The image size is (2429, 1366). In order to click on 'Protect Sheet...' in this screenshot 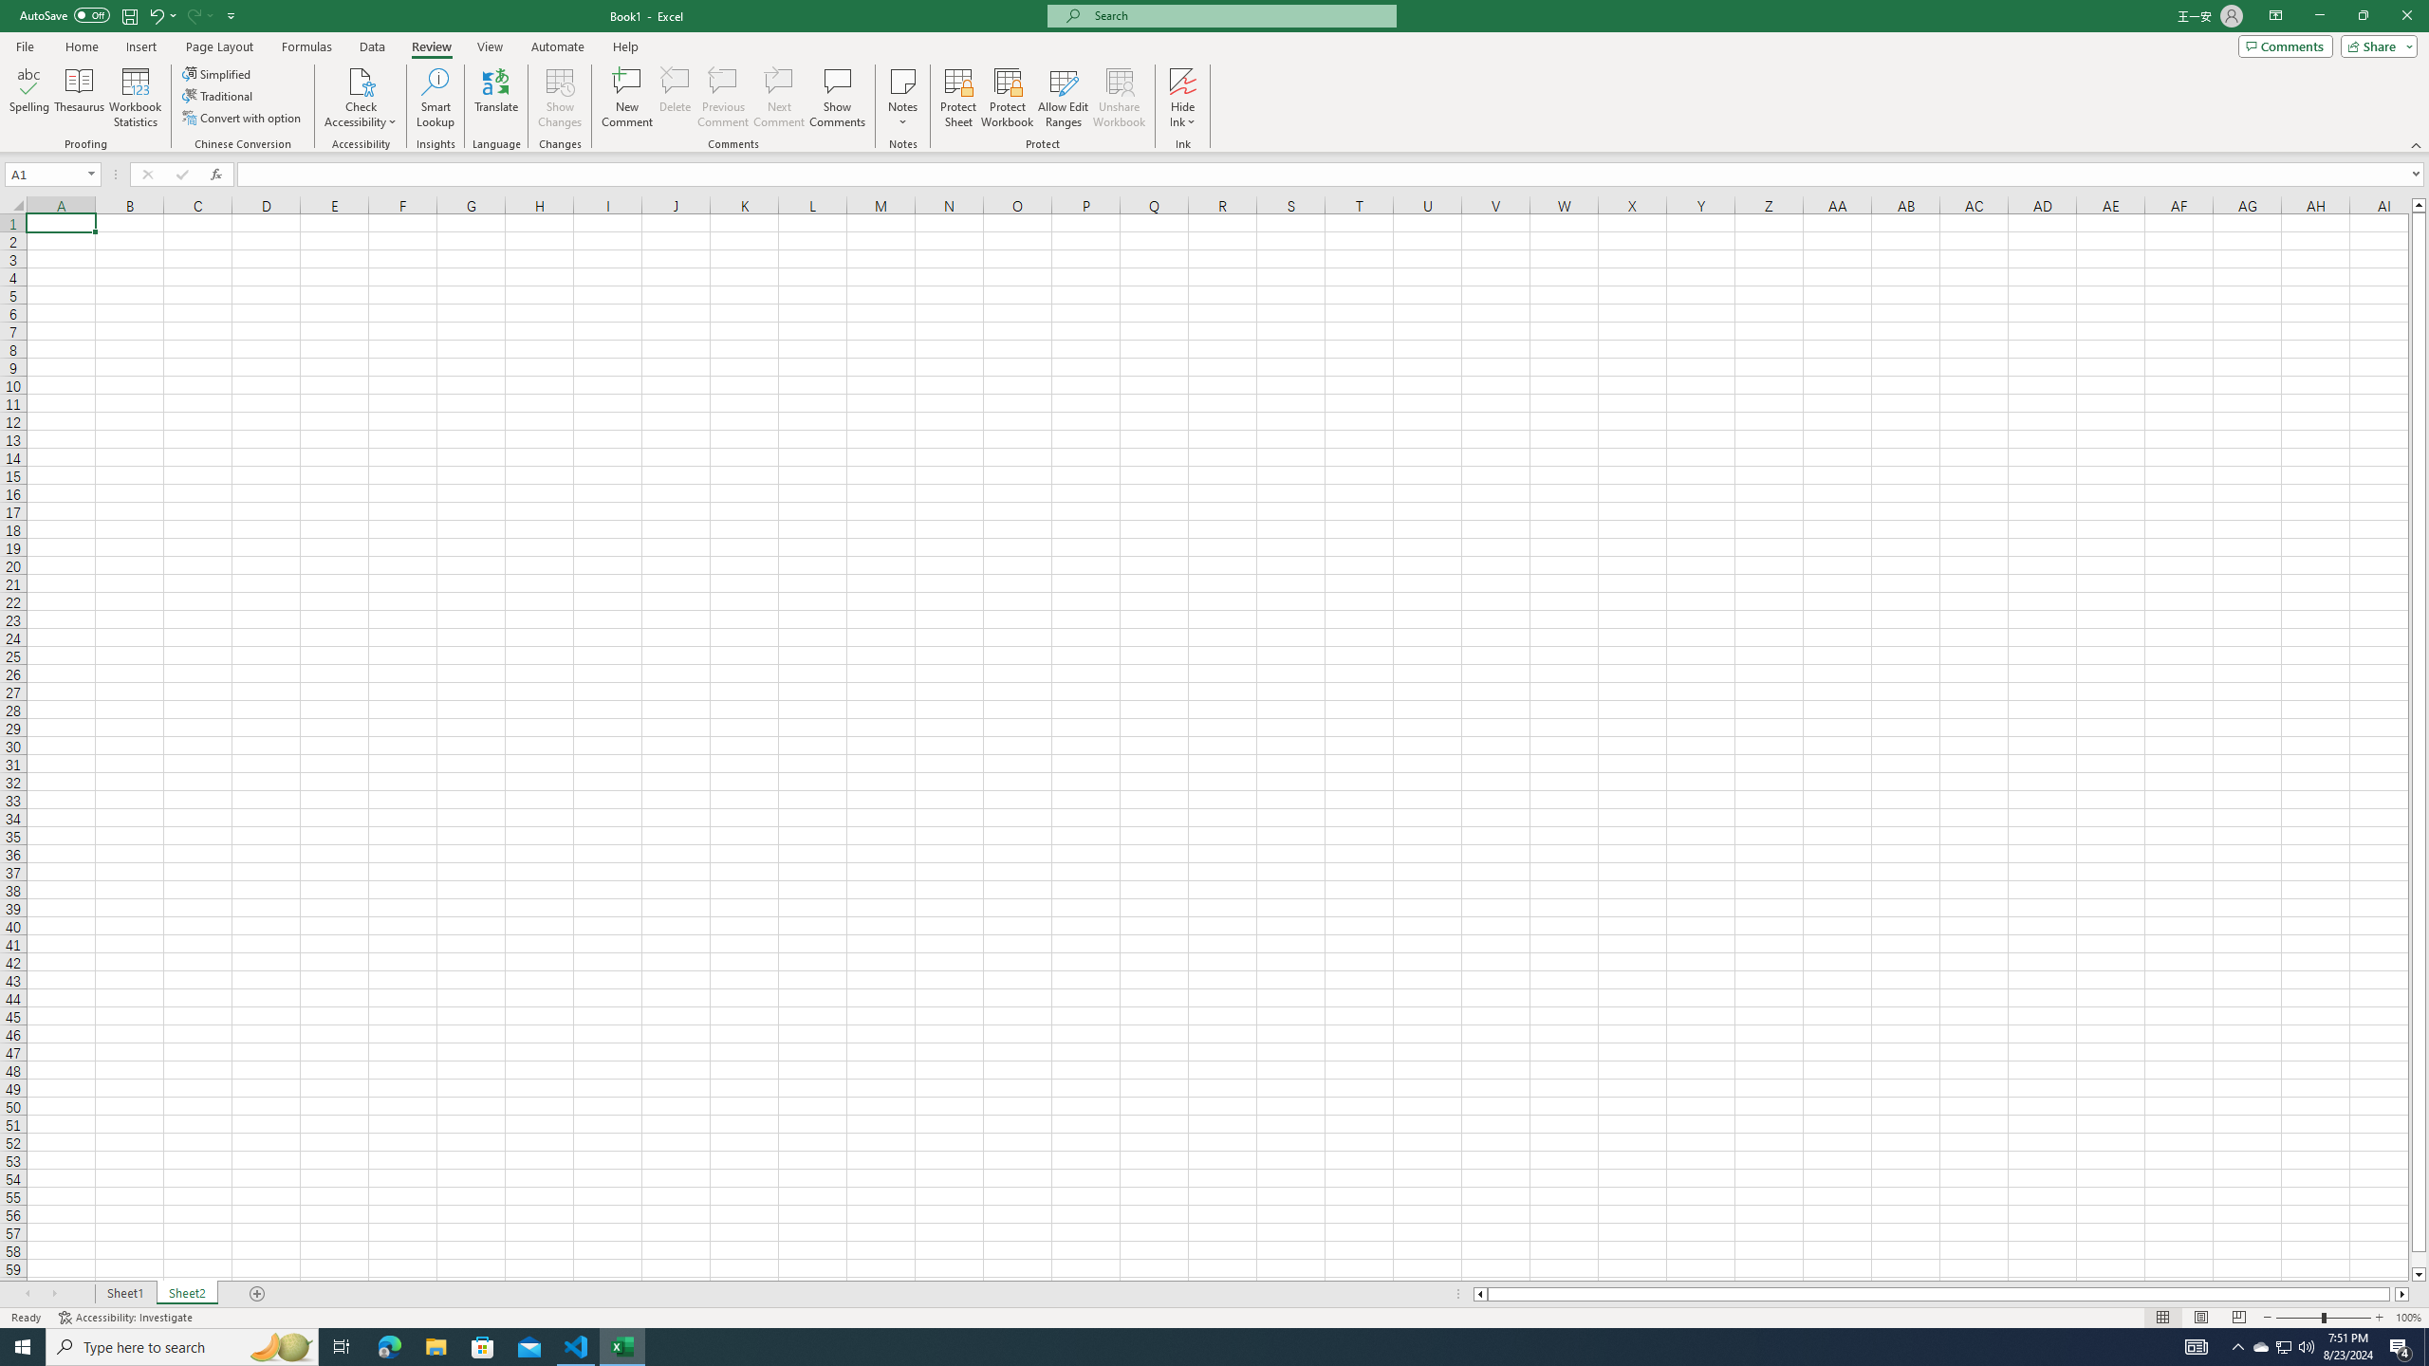, I will do `click(956, 98)`.